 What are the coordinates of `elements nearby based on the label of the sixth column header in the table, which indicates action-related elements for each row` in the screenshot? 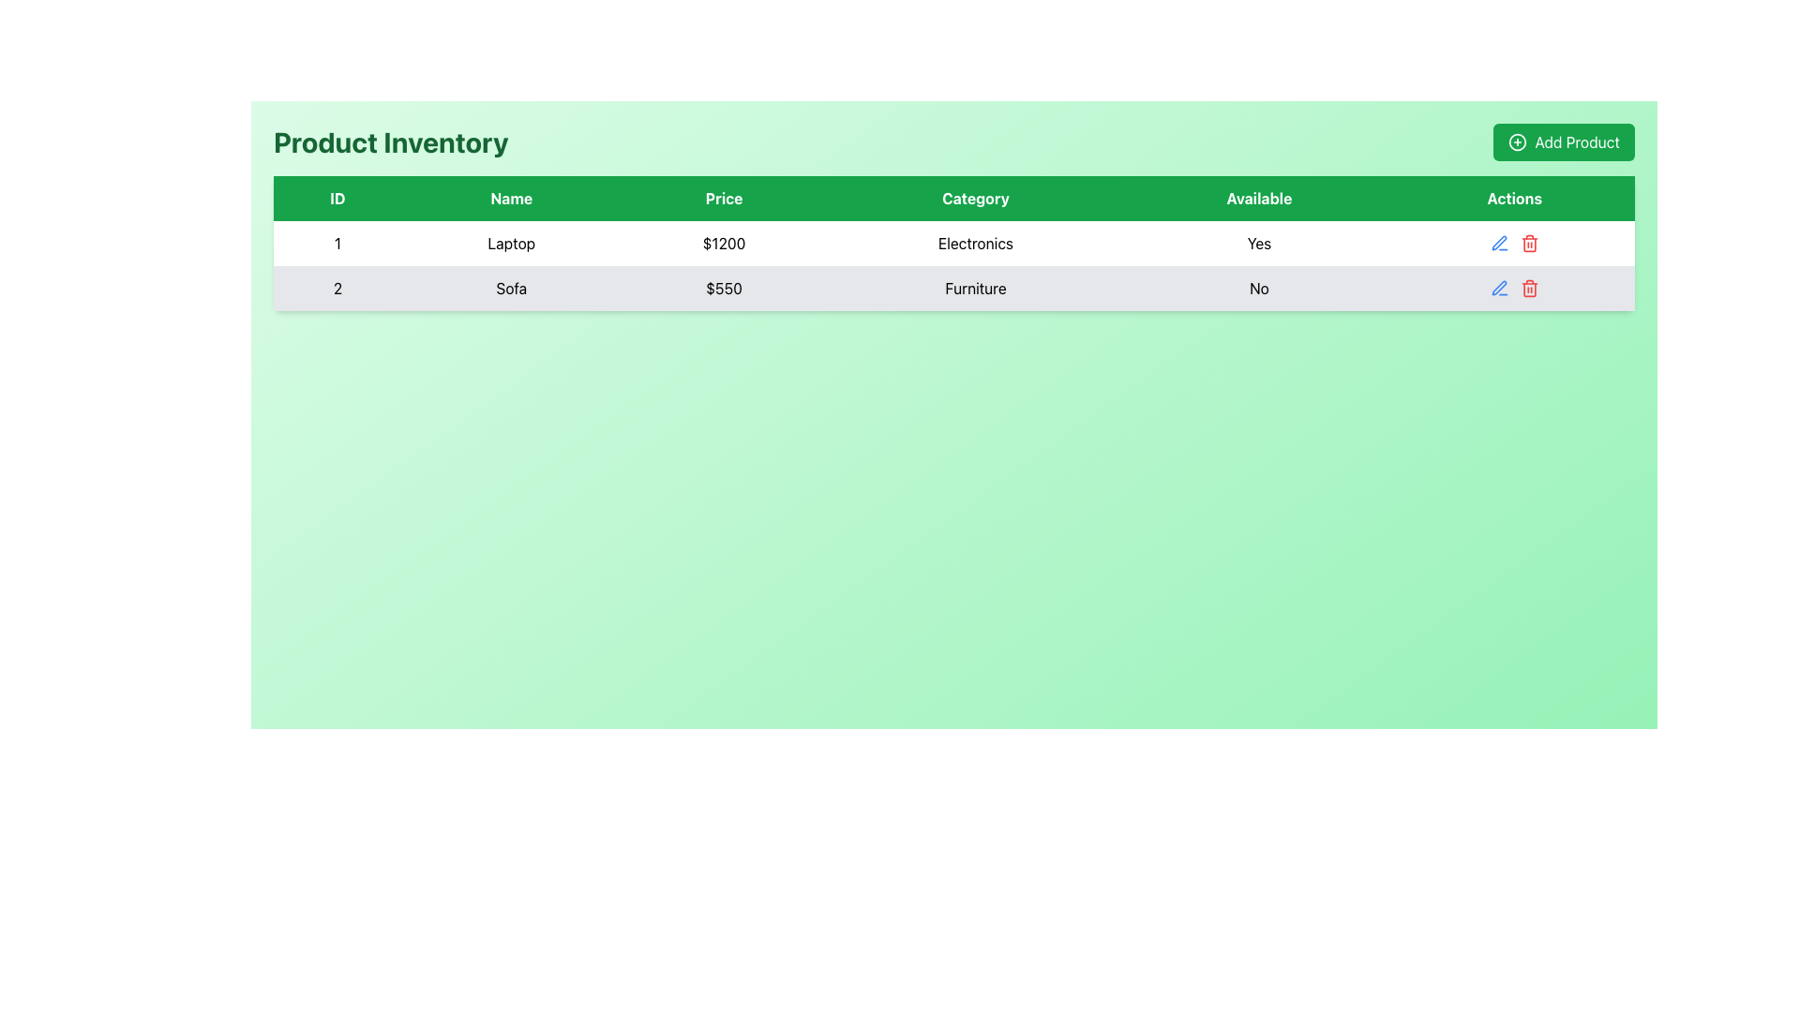 It's located at (1513, 199).